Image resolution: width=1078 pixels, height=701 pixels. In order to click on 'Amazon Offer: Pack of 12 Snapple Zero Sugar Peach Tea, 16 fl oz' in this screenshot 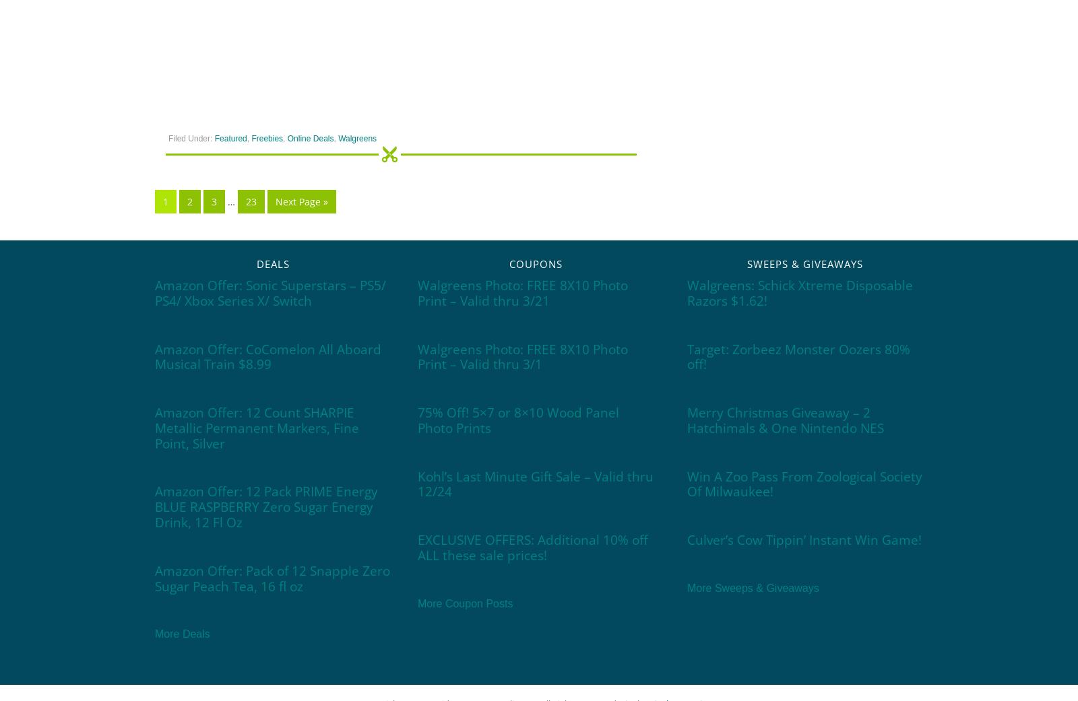, I will do `click(272, 577)`.